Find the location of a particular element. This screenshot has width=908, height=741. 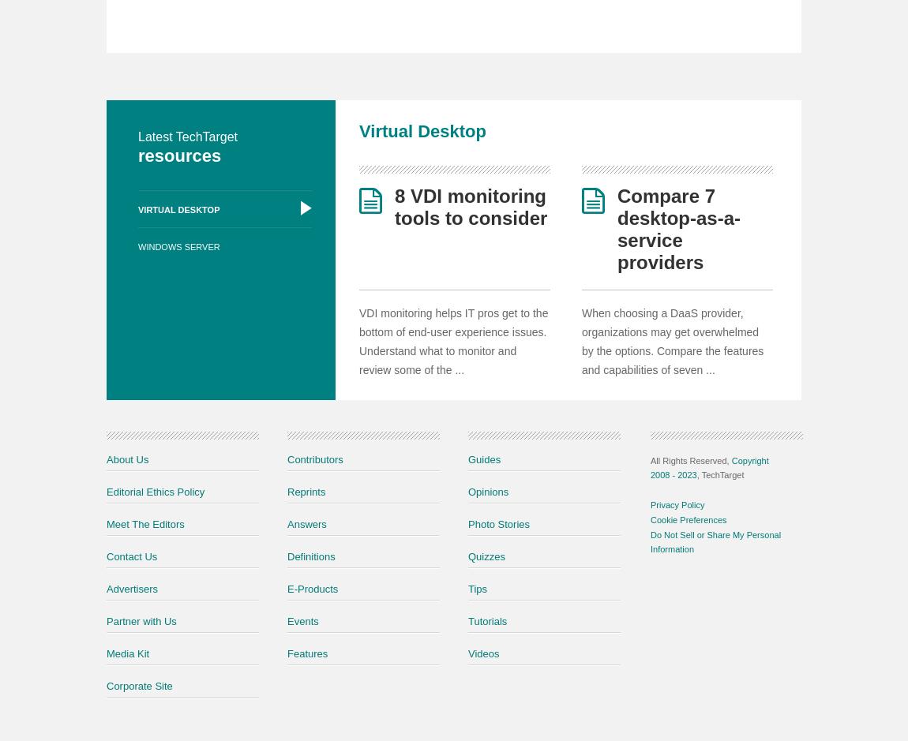

'Editorial Ethics Policy' is located at coordinates (106, 490).